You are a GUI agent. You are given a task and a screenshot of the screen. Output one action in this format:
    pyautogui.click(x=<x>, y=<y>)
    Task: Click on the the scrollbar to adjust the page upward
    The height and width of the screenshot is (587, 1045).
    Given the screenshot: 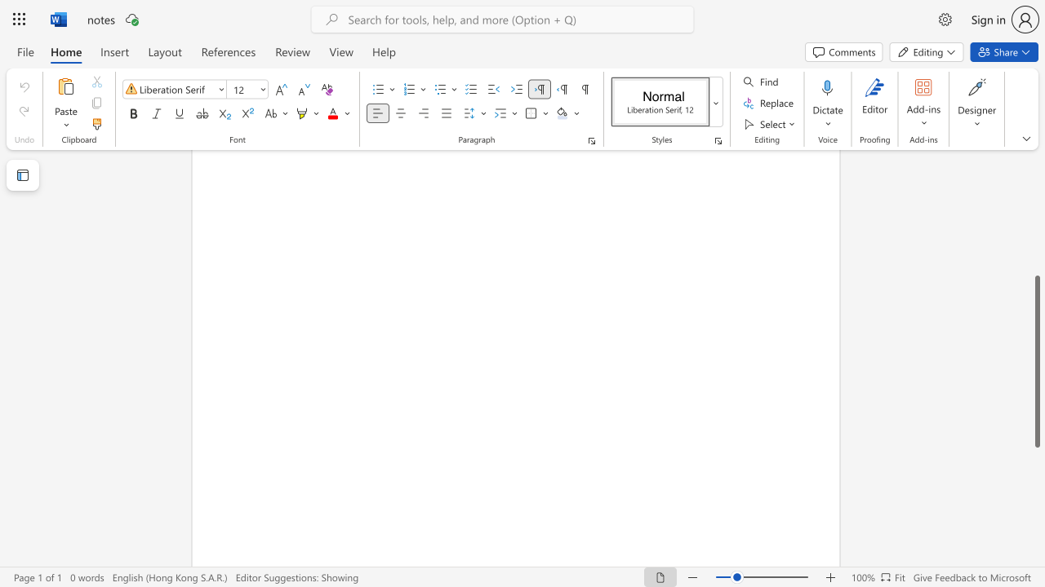 What is the action you would take?
    pyautogui.click(x=1036, y=186)
    